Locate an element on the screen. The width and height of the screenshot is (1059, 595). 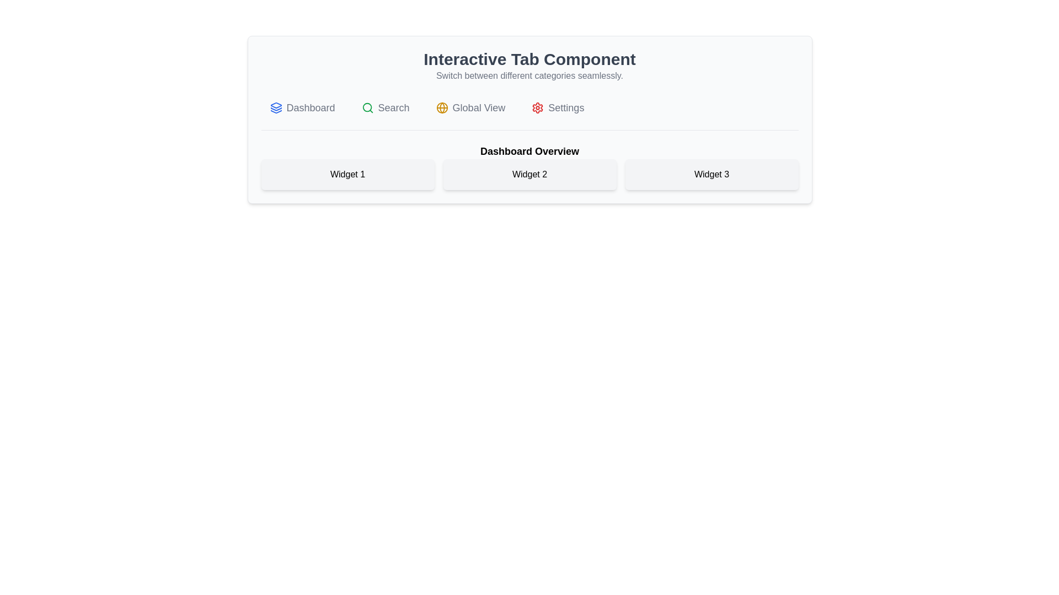
an item in the Navigation Bar located below the title 'Interactive Tab Component' is located at coordinates (529, 113).